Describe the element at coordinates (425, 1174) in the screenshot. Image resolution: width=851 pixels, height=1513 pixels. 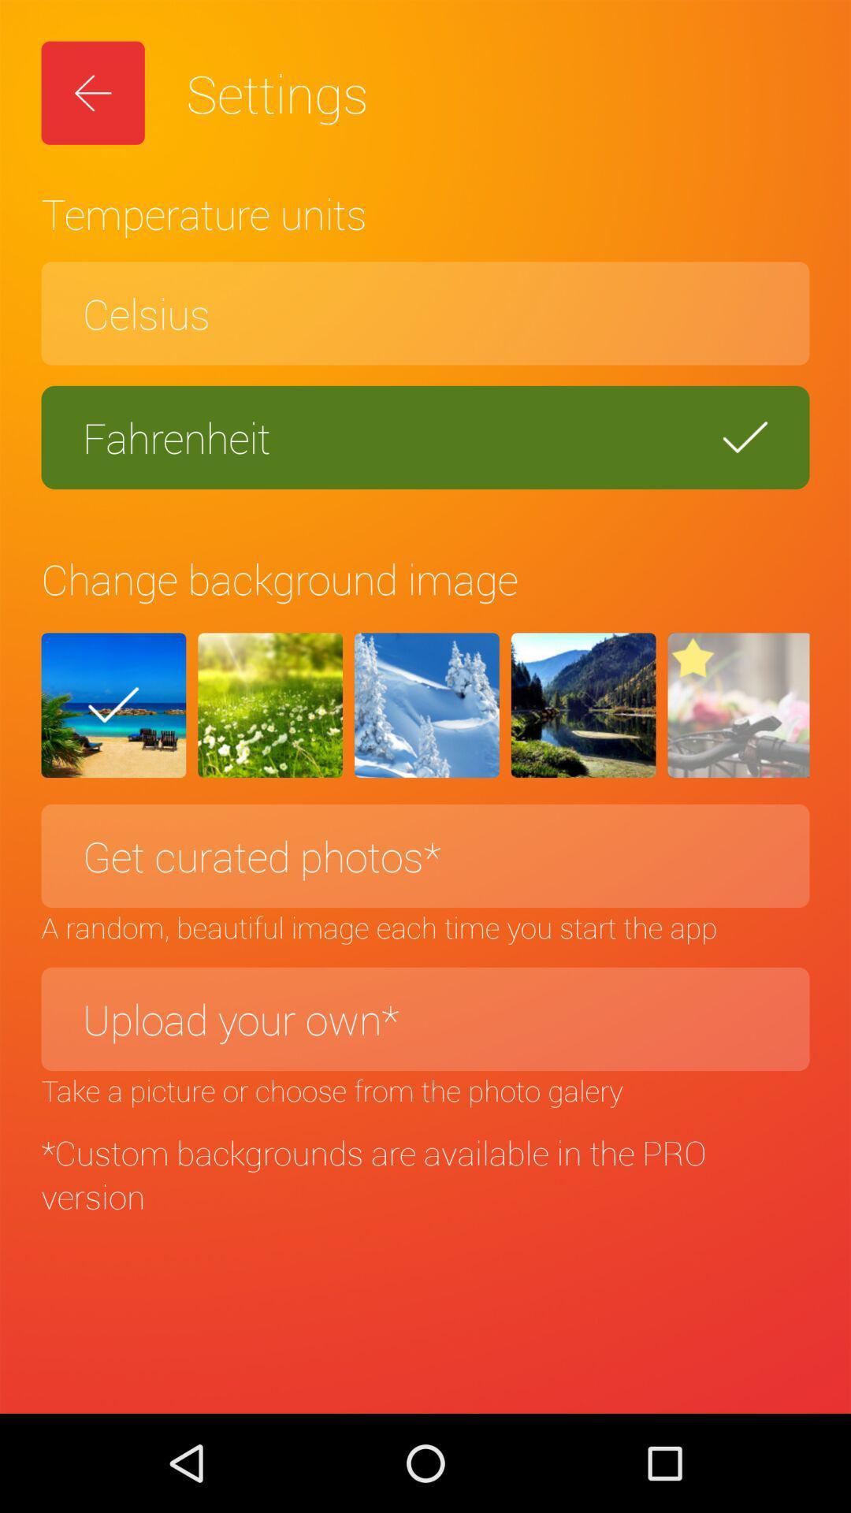
I see `custom backgrounds are item` at that location.